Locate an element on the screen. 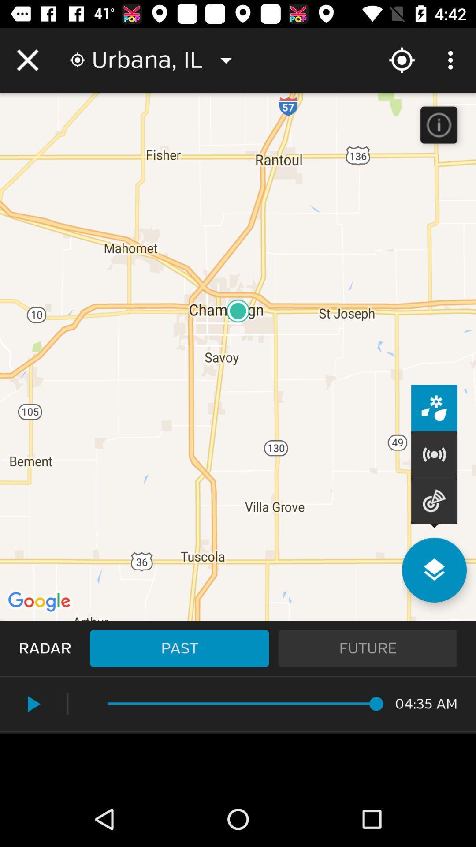  the item above the future is located at coordinates (434, 570).